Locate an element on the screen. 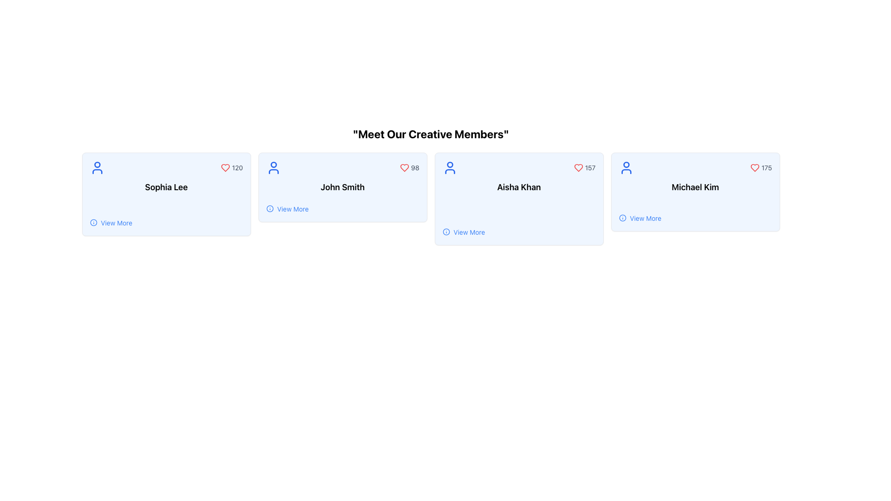 The height and width of the screenshot is (501, 891). the blue text link labeled 'View More' located in the second card from the left, under the name 'John Smith' is located at coordinates (287, 209).